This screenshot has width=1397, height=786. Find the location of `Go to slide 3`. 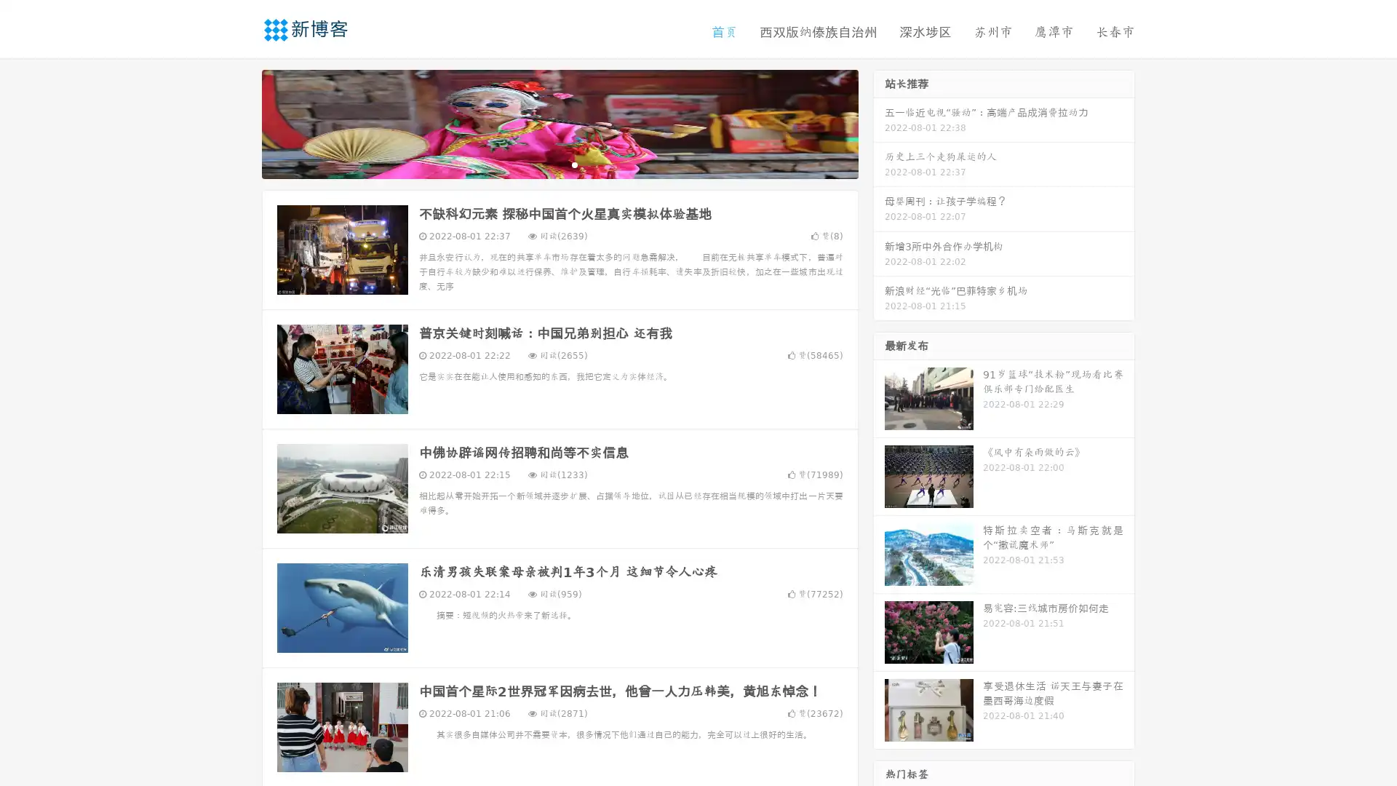

Go to slide 3 is located at coordinates (574, 164).